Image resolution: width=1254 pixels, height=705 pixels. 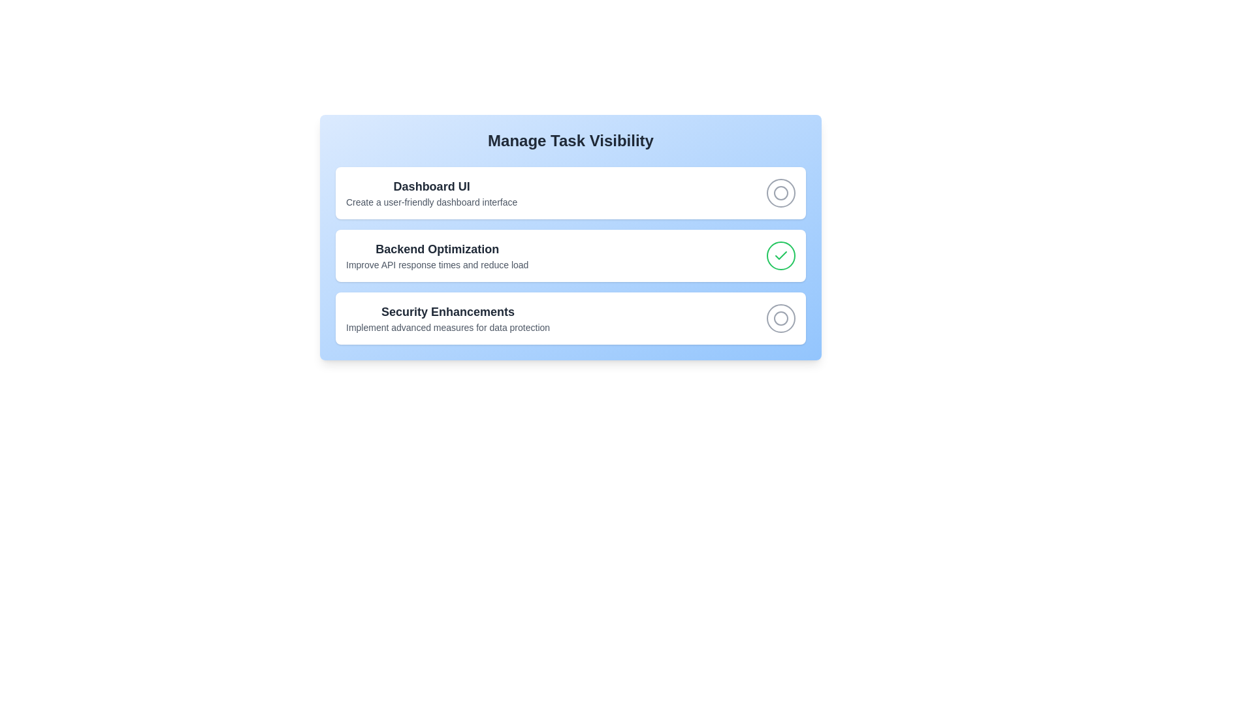 What do you see at coordinates (448, 319) in the screenshot?
I see `the 'Security Enhancements' text block, which is the third item in a vertical stack of similar styled elements, located in the center of the interface beneath the 'Backend Optimization' section` at bounding box center [448, 319].